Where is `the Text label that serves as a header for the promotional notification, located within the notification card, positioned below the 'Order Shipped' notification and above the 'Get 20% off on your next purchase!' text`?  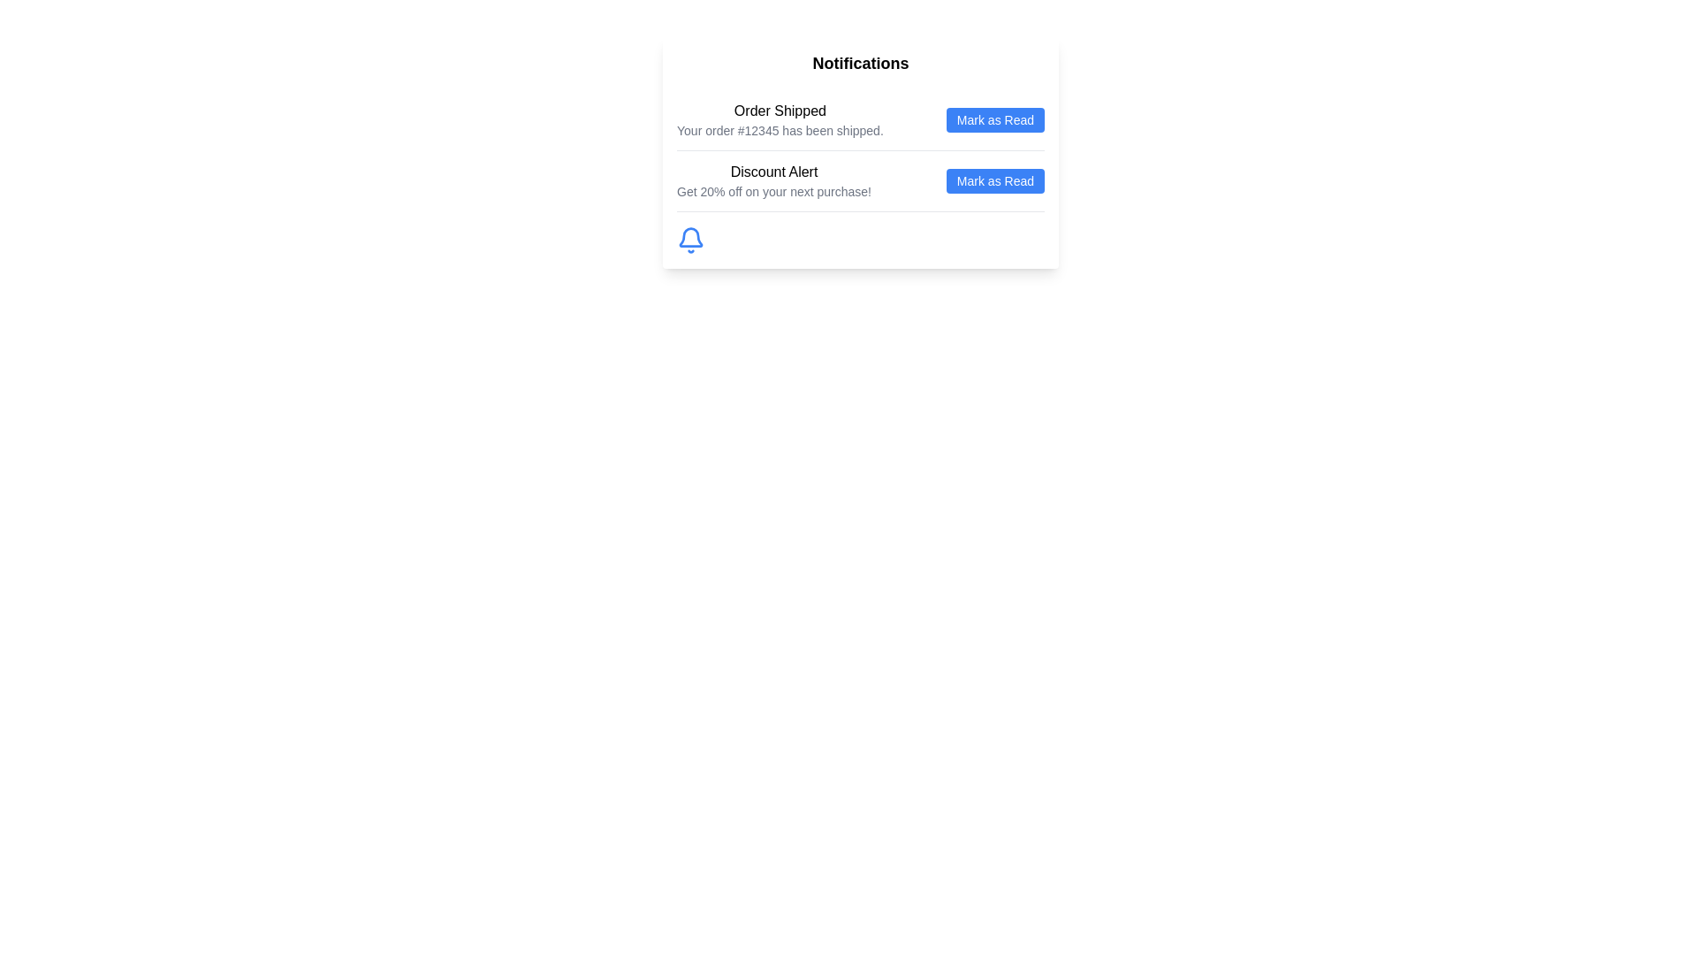
the Text label that serves as a header for the promotional notification, located within the notification card, positioned below the 'Order Shipped' notification and above the 'Get 20% off on your next purchase!' text is located at coordinates (773, 172).